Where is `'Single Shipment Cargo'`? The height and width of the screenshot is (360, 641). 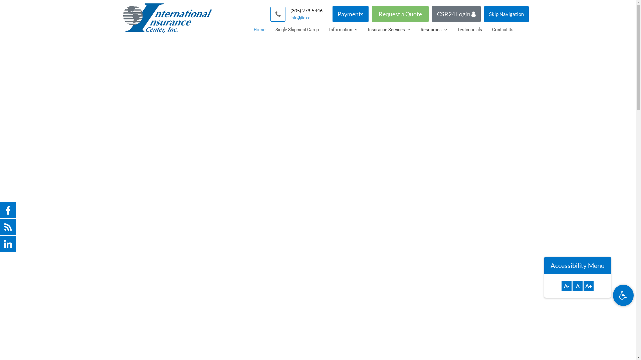
'Single Shipment Cargo' is located at coordinates (297, 29).